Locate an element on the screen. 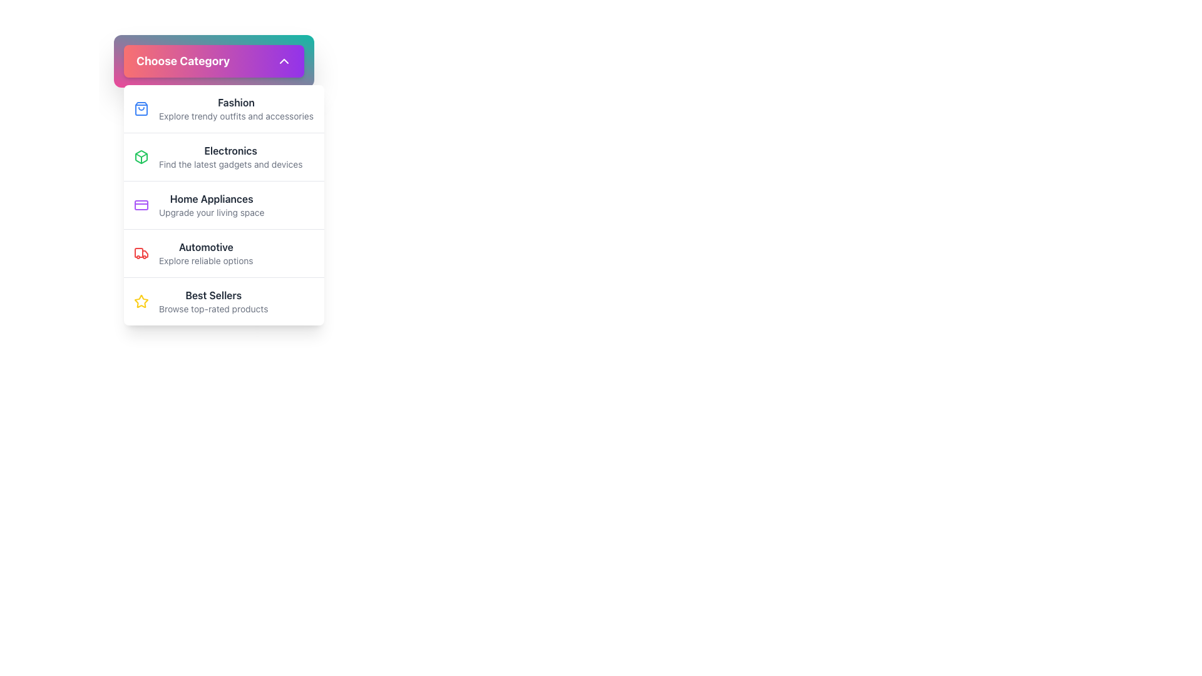 This screenshot has width=1202, height=676. the 'Electronics' category icon, which is a 3D box symbol located at the leftmost side of the dropdown menu under 'Choose Category.' is located at coordinates (141, 156).